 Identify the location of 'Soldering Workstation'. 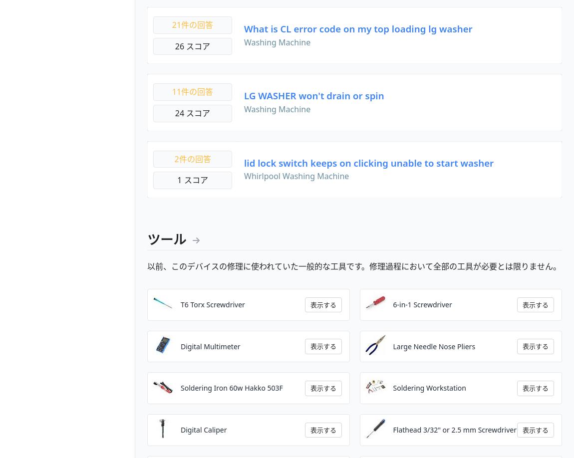
(392, 388).